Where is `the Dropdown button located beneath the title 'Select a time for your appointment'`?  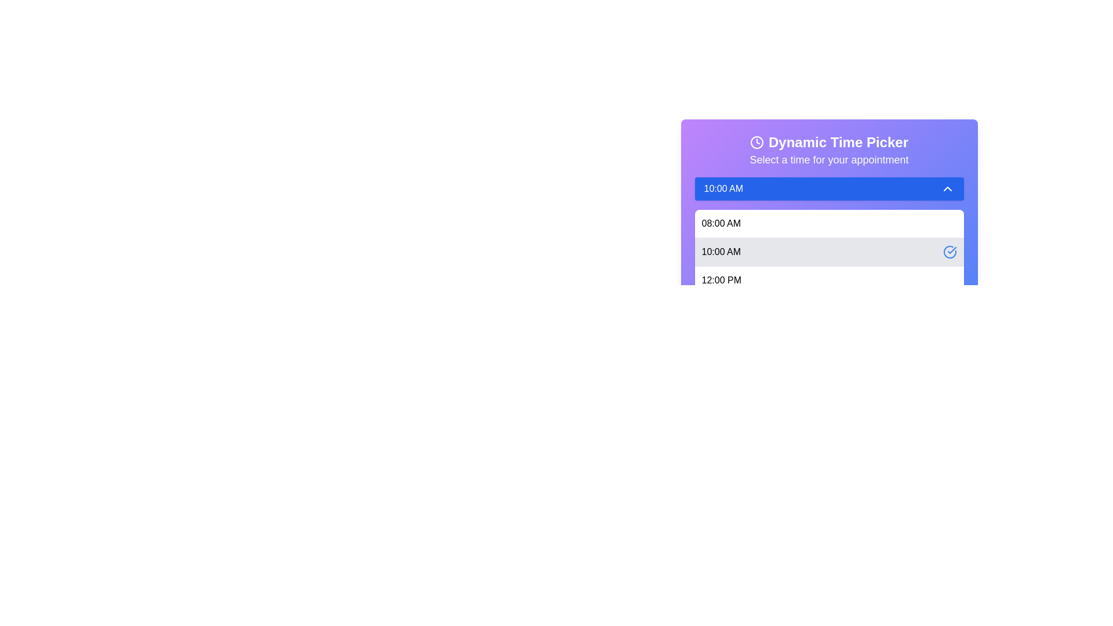
the Dropdown button located beneath the title 'Select a time for your appointment' is located at coordinates (828, 188).